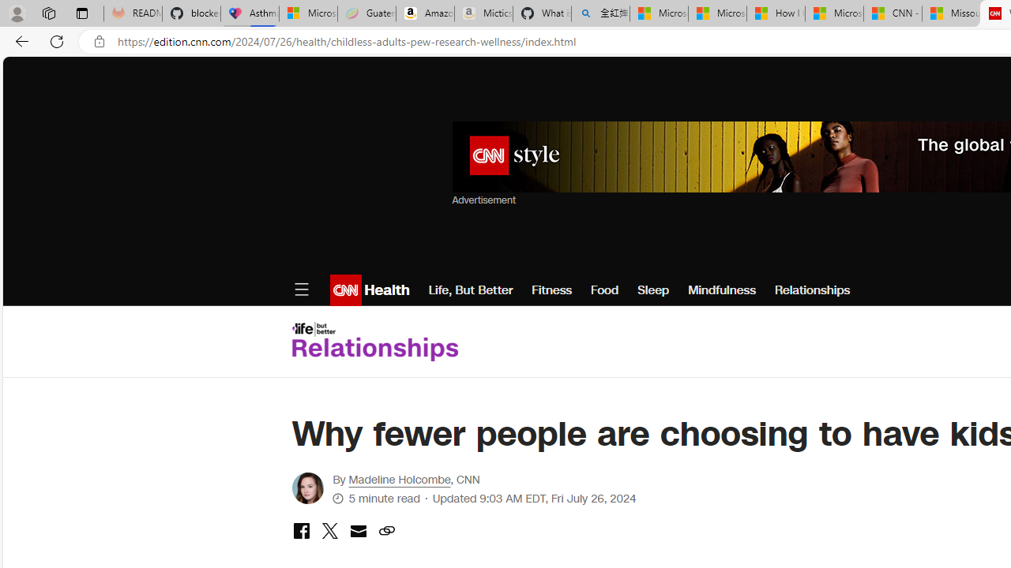 The width and height of the screenshot is (1011, 568). I want to click on 'share with facebook', so click(301, 532).